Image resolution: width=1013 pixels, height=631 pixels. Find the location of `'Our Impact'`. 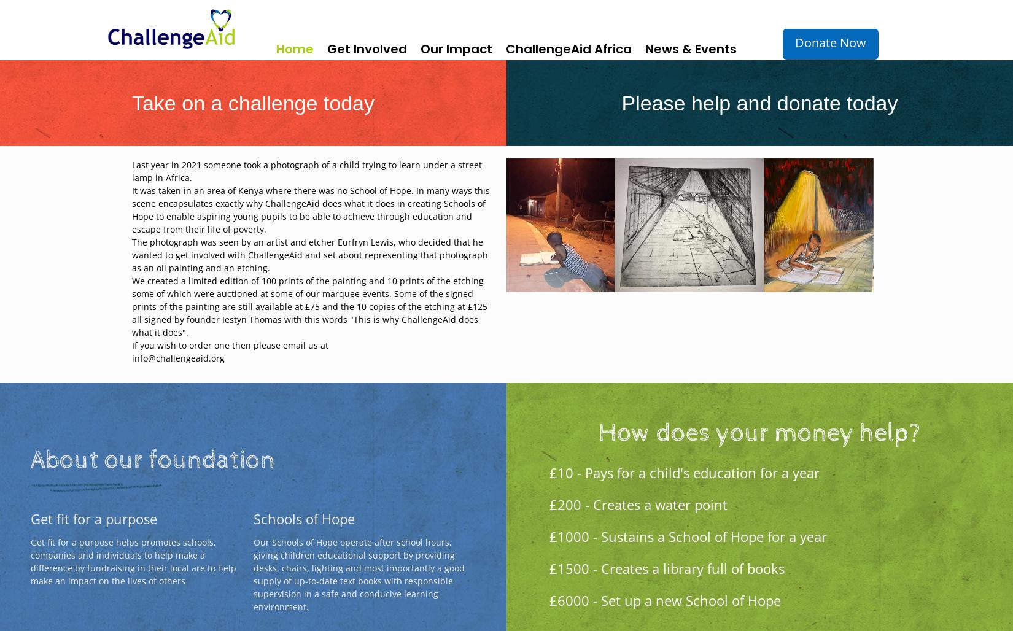

'Our Impact' is located at coordinates (456, 48).